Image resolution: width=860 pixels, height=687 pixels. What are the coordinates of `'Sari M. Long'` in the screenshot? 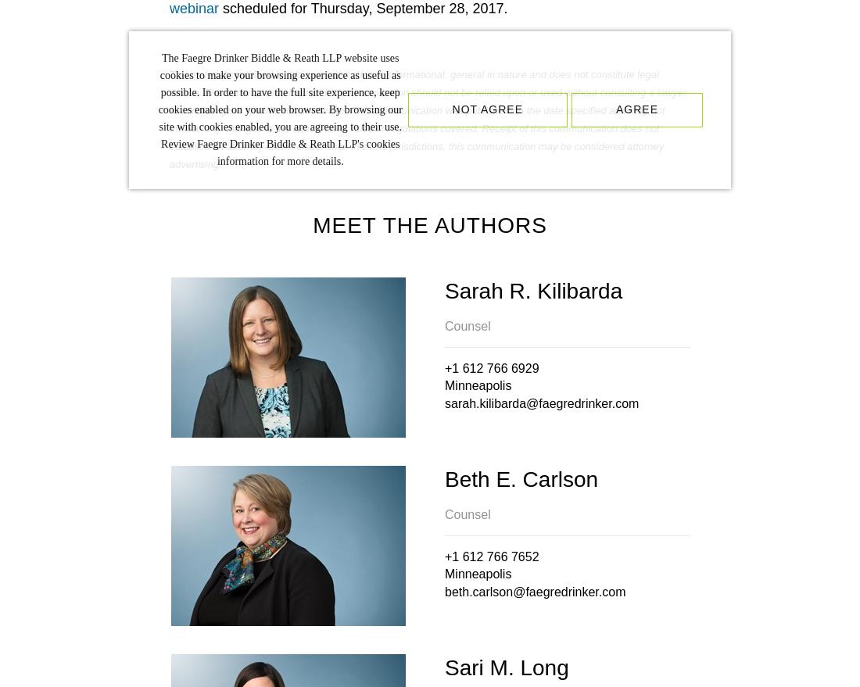 It's located at (444, 667).